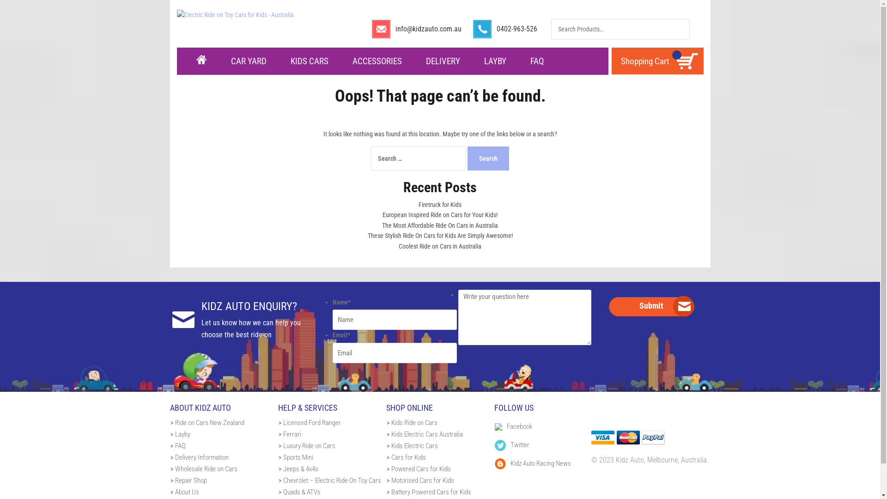 The height and width of the screenshot is (499, 887). What do you see at coordinates (428, 28) in the screenshot?
I see `'info@kidzauto.com.au'` at bounding box center [428, 28].